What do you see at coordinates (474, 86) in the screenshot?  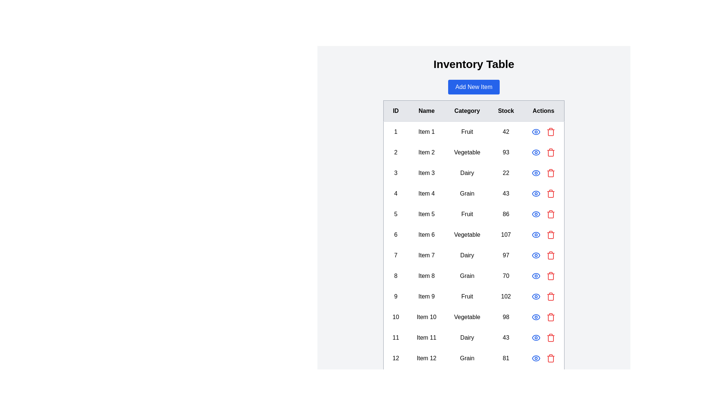 I see `the 'Add New Item' button to initiate the process of adding a new item to the table` at bounding box center [474, 86].